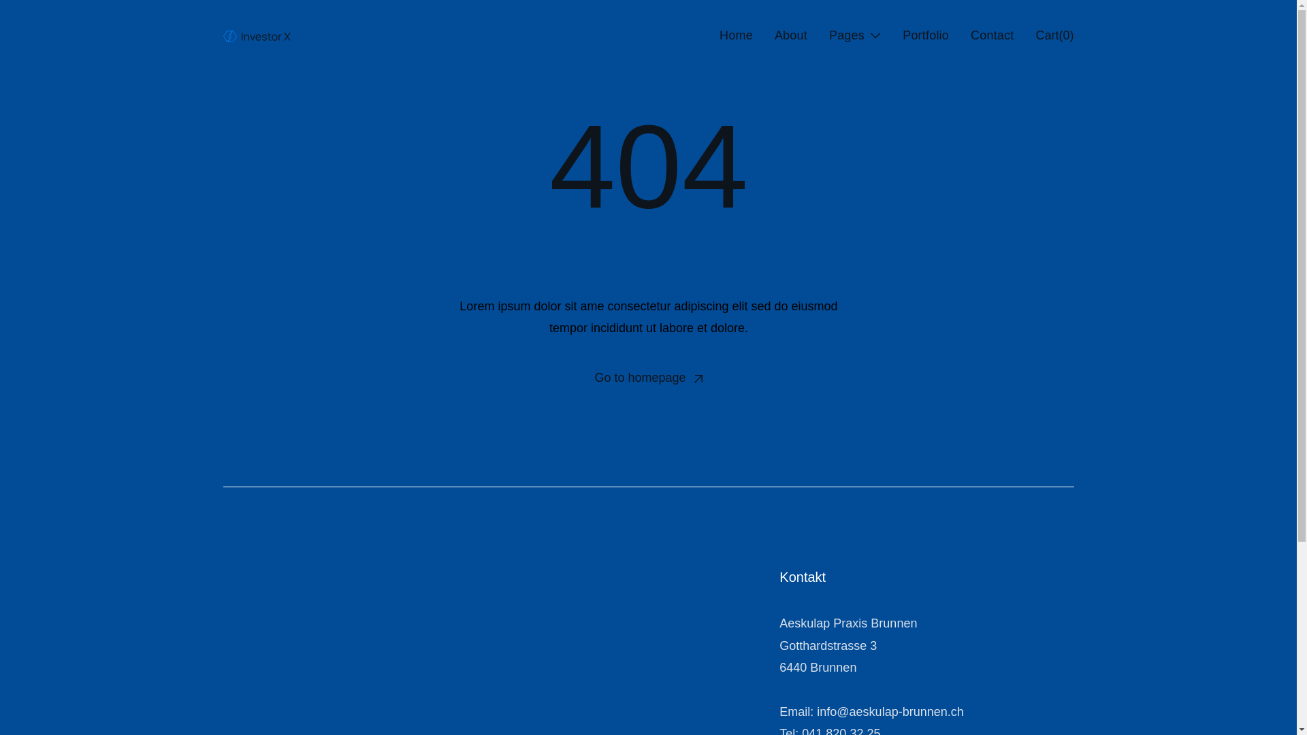 This screenshot has width=1307, height=735. What do you see at coordinates (925, 34) in the screenshot?
I see `'Portfolio'` at bounding box center [925, 34].